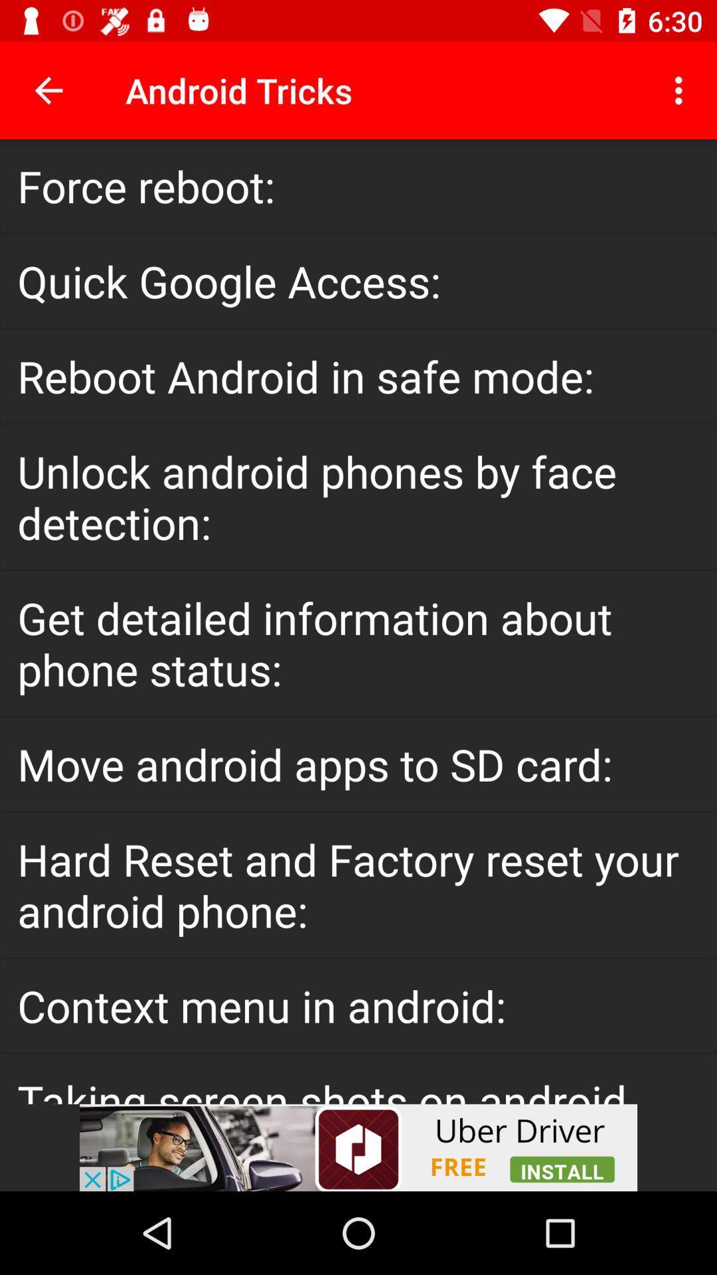  Describe the element at coordinates (358, 1147) in the screenshot. I see `click advertisement` at that location.